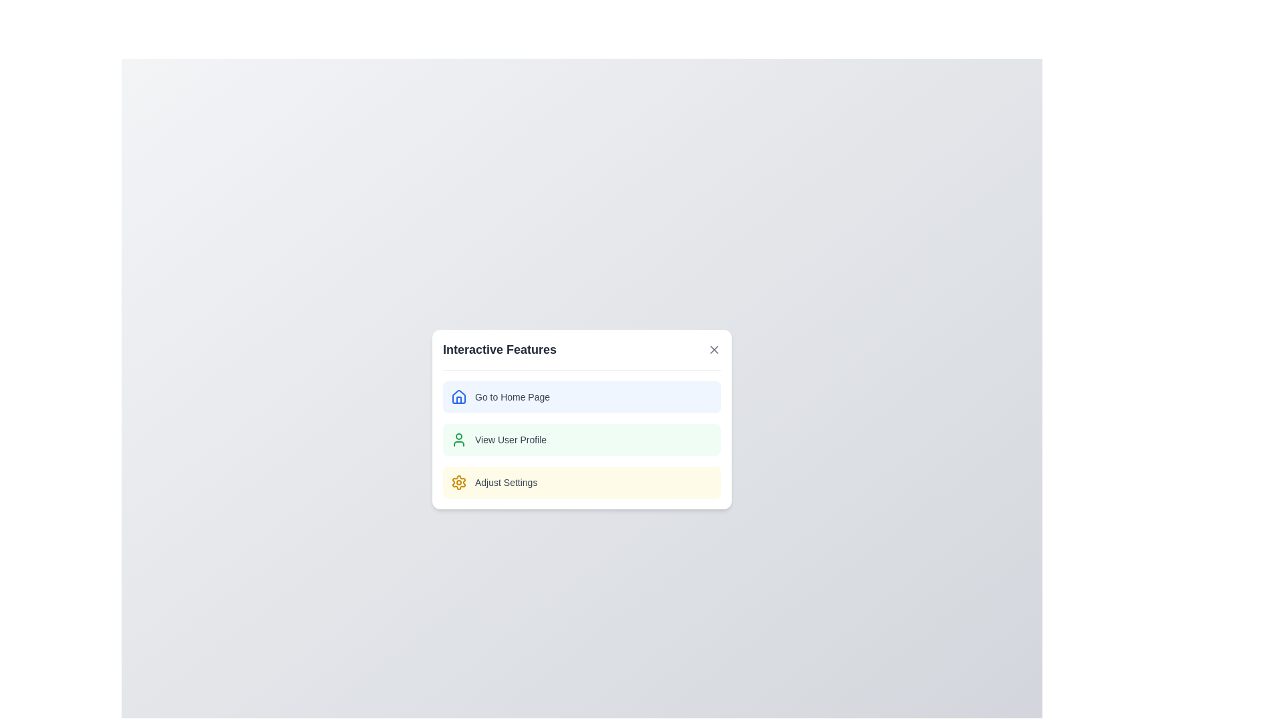 This screenshot has width=1283, height=721. What do you see at coordinates (458, 481) in the screenshot?
I see `the settings icon located in the third row, to the left of the 'Adjust Settings' label, within the yellow-highlighted background` at bounding box center [458, 481].